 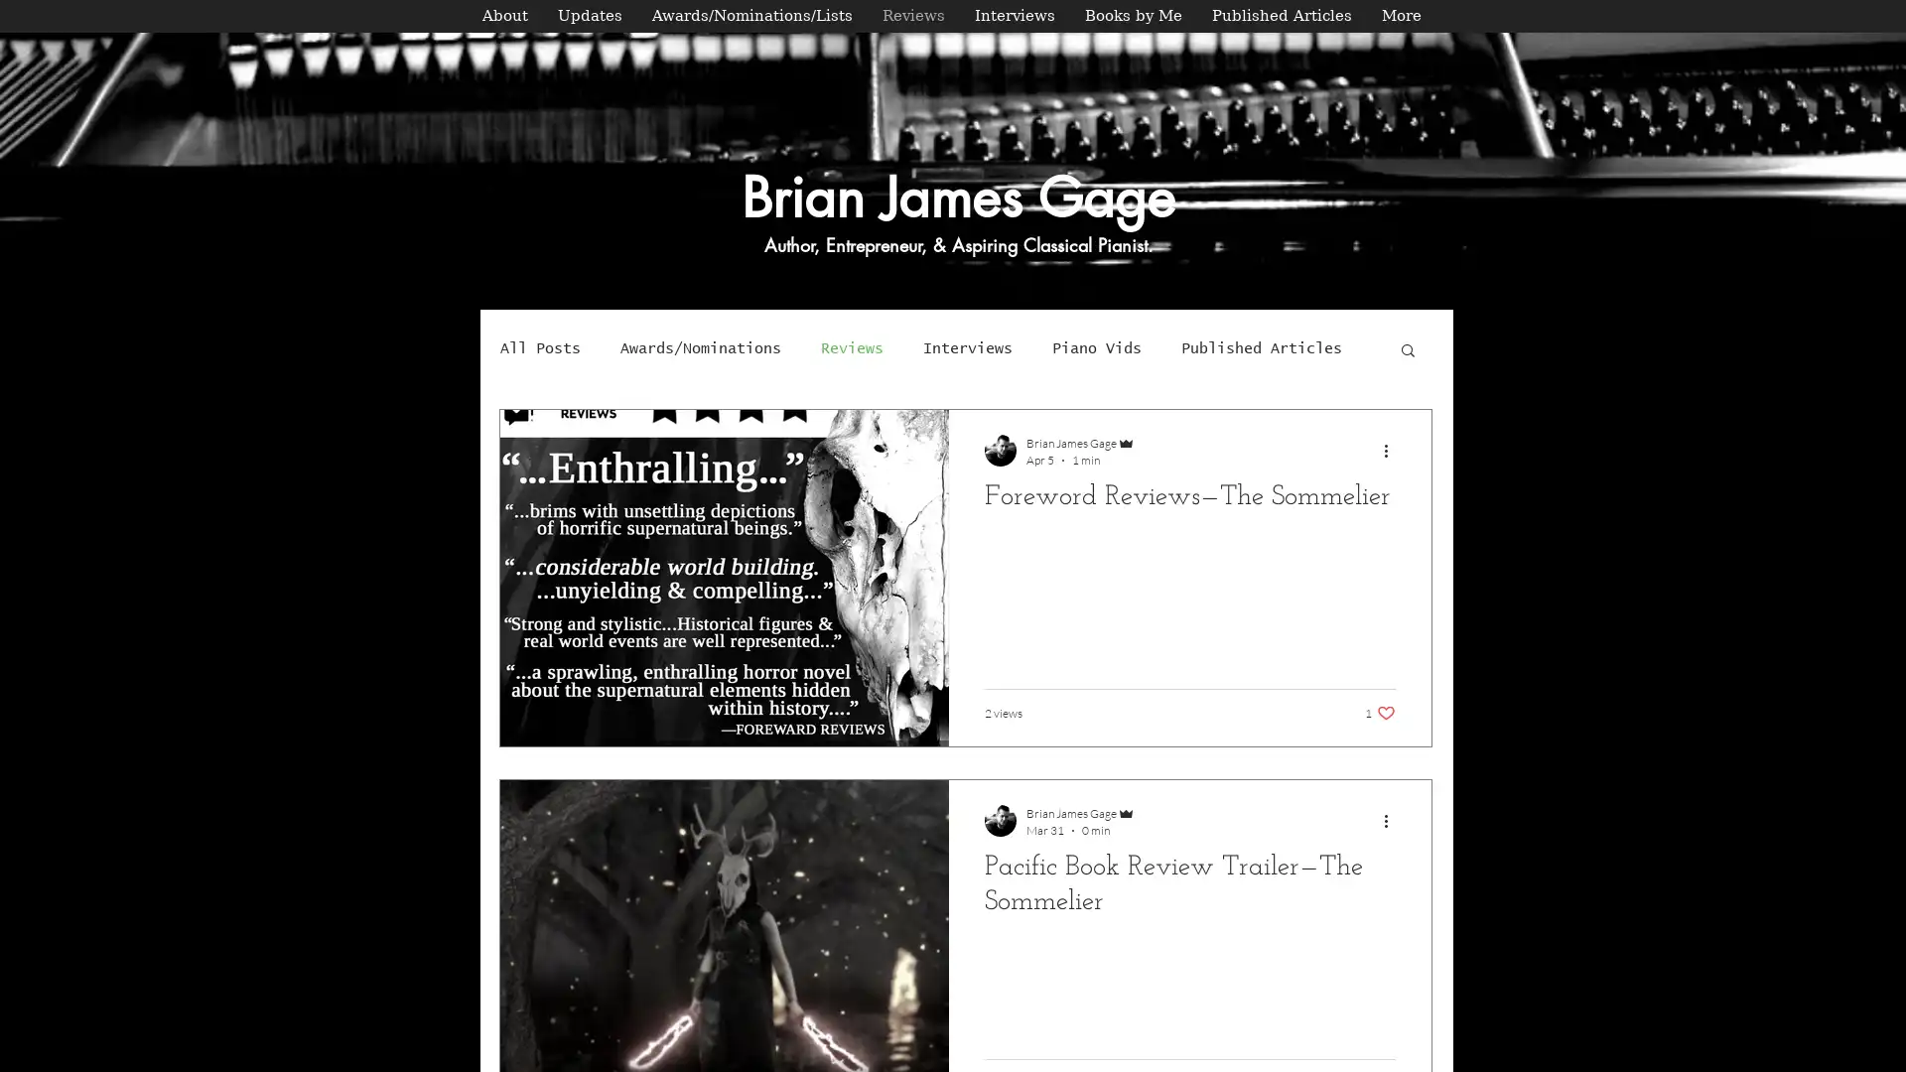 What do you see at coordinates (852, 347) in the screenshot?
I see `Reviews` at bounding box center [852, 347].